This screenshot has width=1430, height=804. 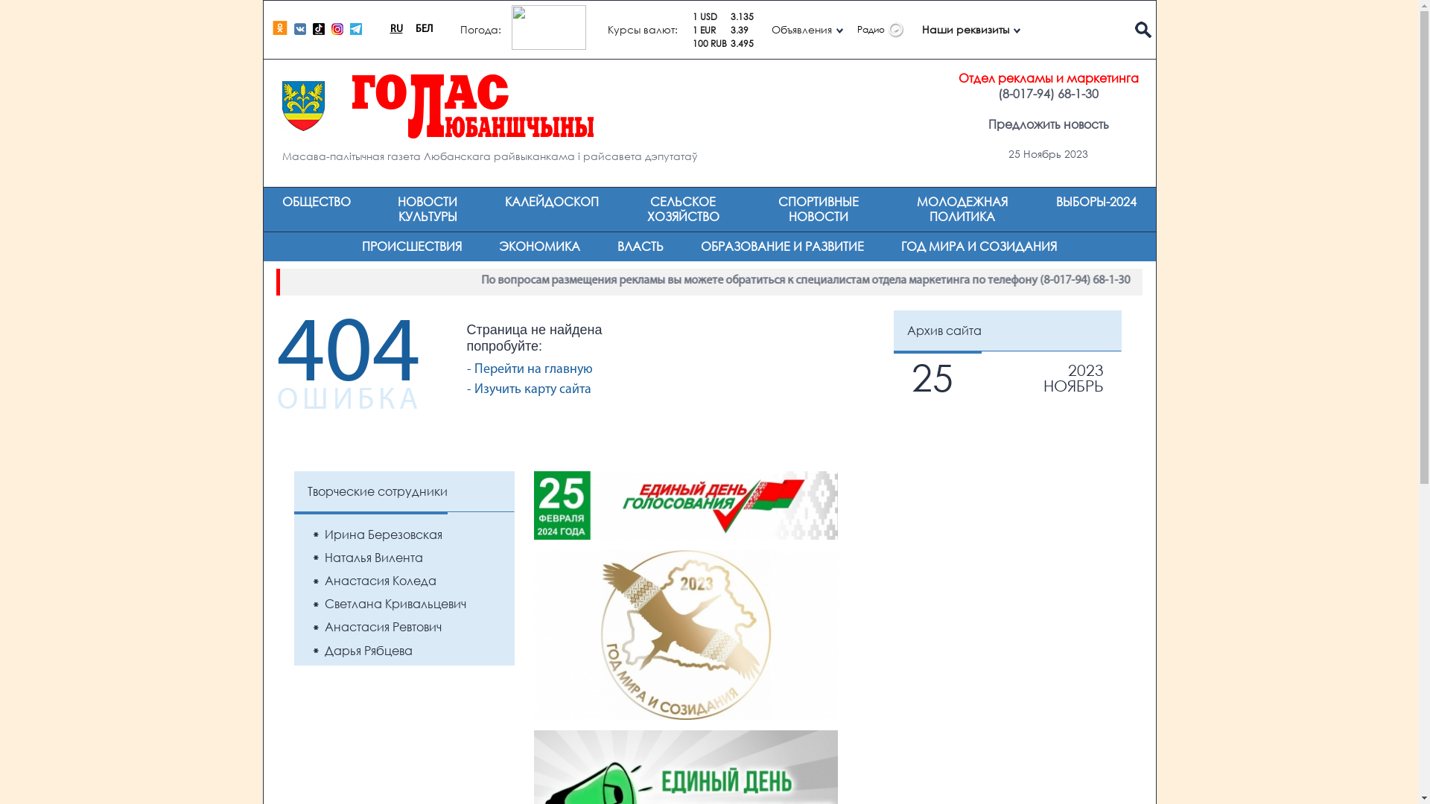 What do you see at coordinates (335, 28) in the screenshot?
I see `'Instagram'` at bounding box center [335, 28].